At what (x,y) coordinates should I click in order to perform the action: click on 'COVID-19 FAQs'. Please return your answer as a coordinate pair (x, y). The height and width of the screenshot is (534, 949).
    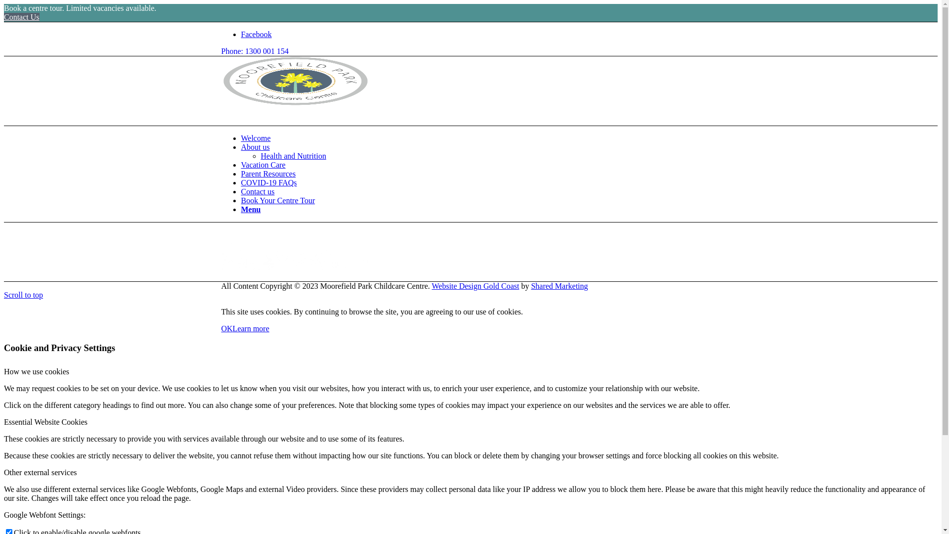
    Looking at the image, I should click on (269, 182).